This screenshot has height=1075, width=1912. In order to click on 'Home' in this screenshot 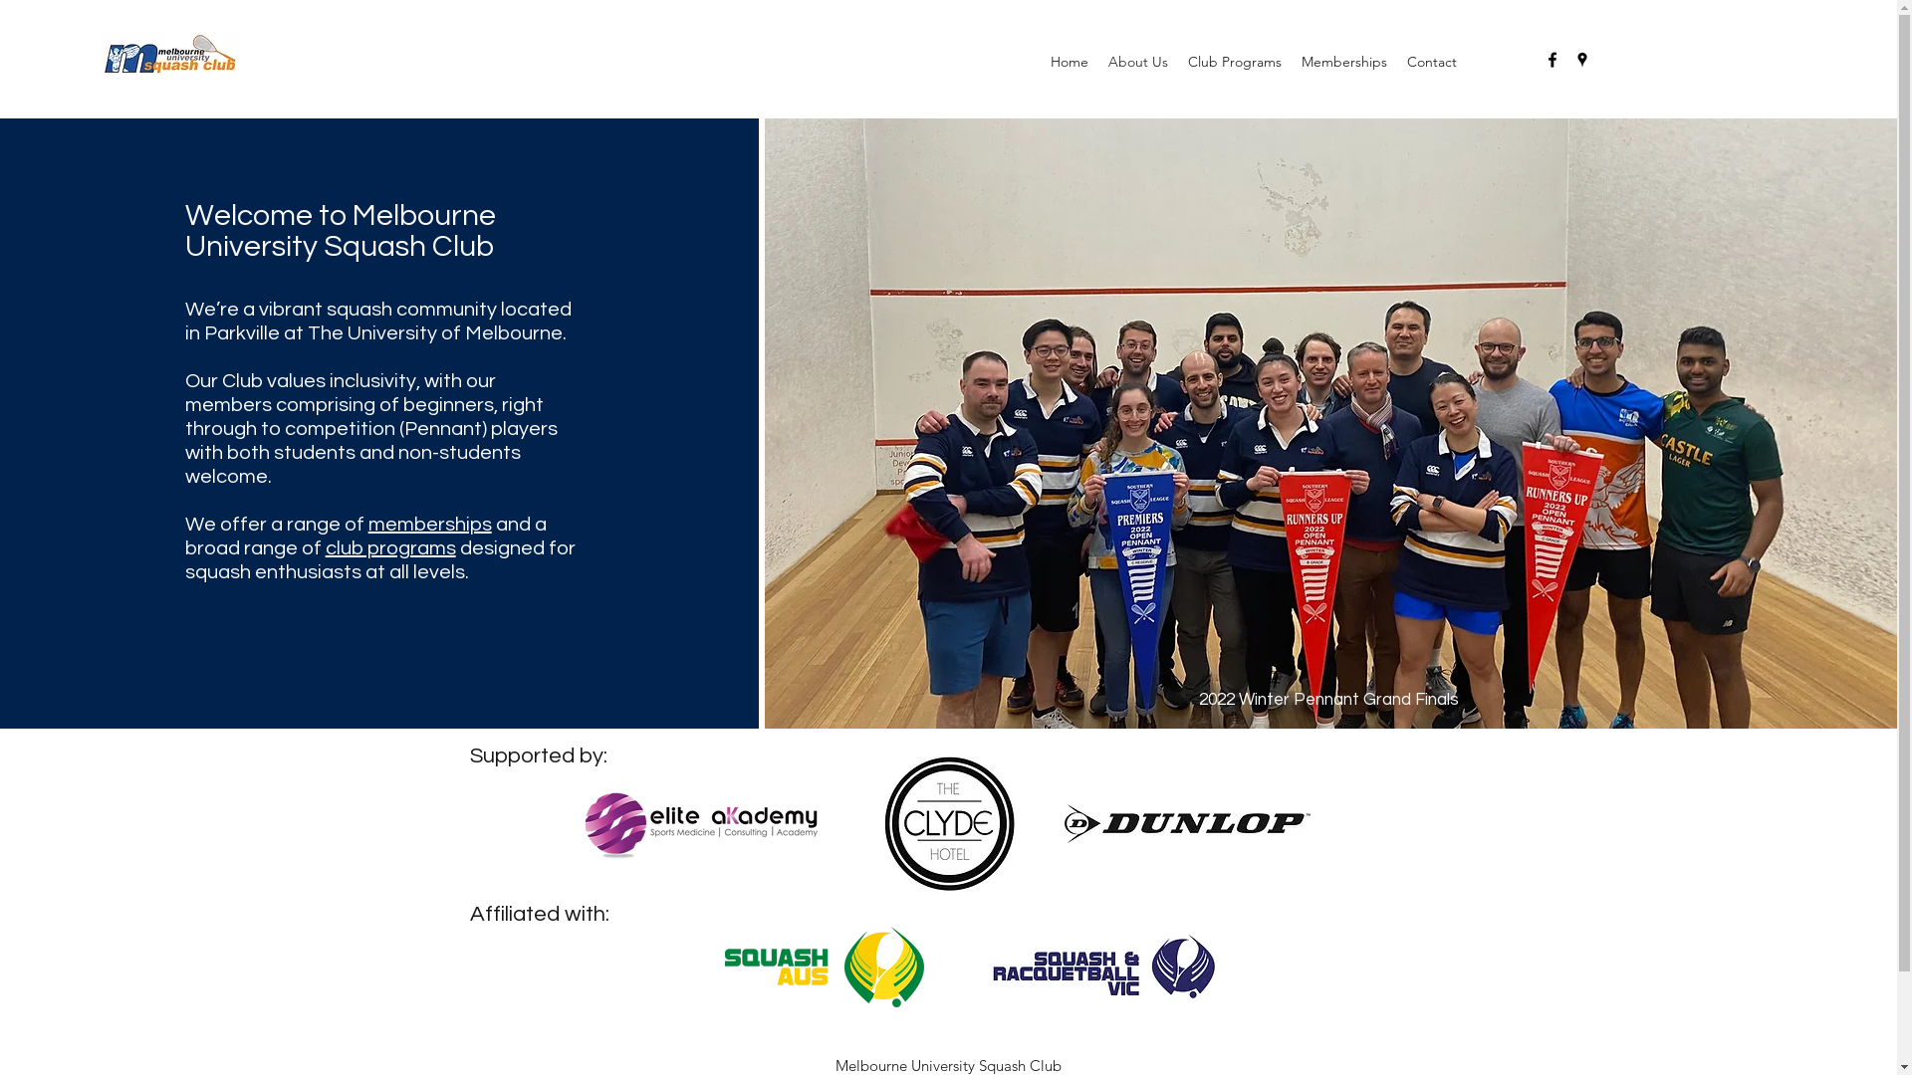, I will do `click(1069, 59)`.